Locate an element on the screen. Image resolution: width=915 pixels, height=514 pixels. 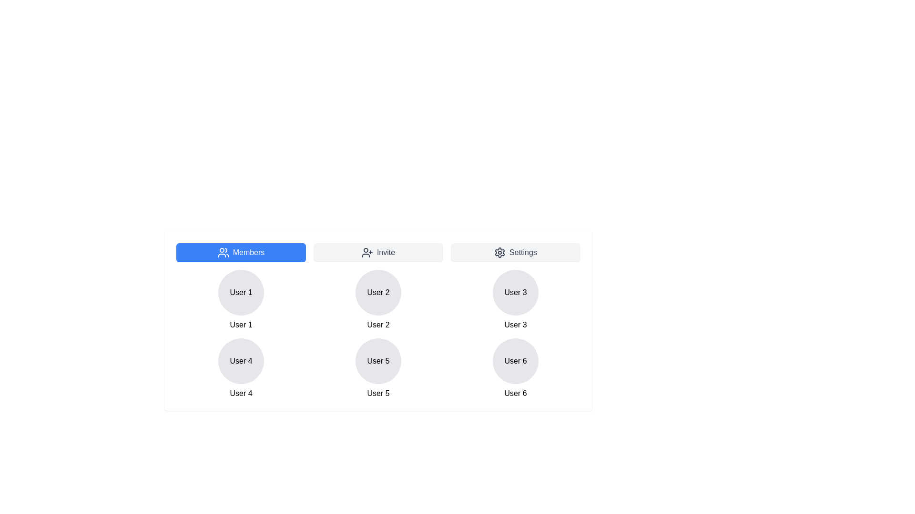
the vector icon embedded within the 'Members' button located at the leftmost section of the horizontal menu bar is located at coordinates (223, 252).